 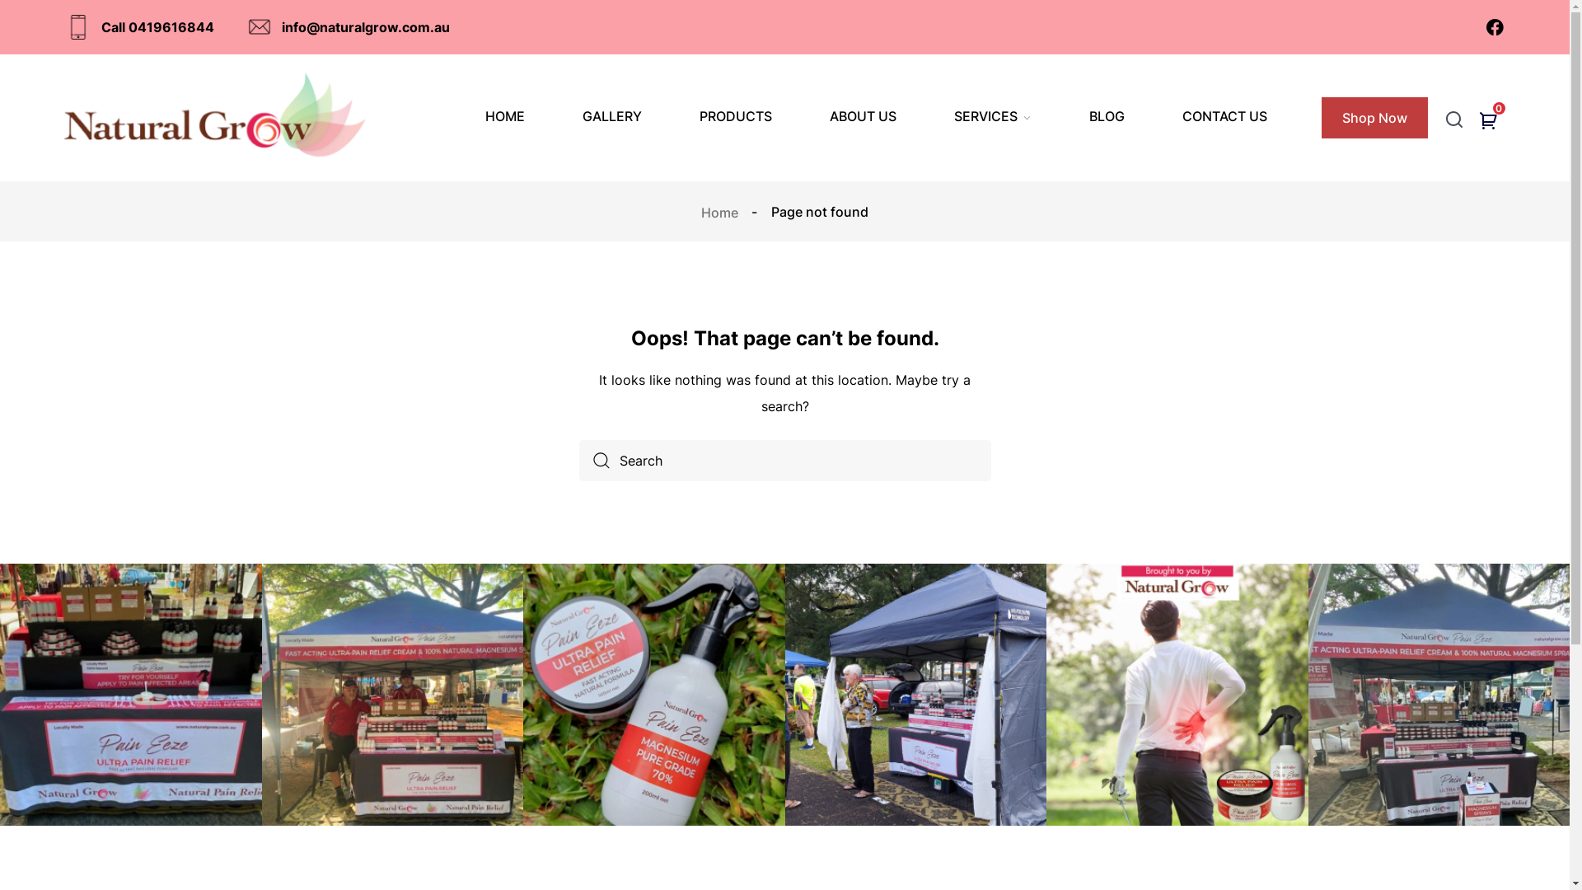 What do you see at coordinates (504, 115) in the screenshot?
I see `'HOME'` at bounding box center [504, 115].